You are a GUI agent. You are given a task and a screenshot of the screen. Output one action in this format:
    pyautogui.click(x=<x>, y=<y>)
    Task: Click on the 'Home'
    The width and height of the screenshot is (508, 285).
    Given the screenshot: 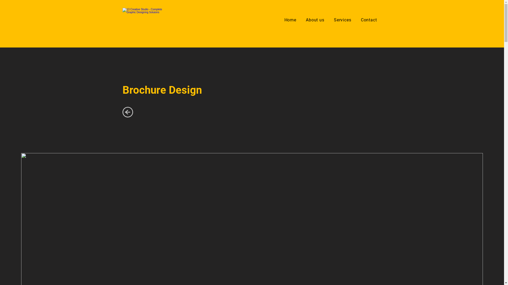 What is the action you would take?
    pyautogui.click(x=290, y=20)
    